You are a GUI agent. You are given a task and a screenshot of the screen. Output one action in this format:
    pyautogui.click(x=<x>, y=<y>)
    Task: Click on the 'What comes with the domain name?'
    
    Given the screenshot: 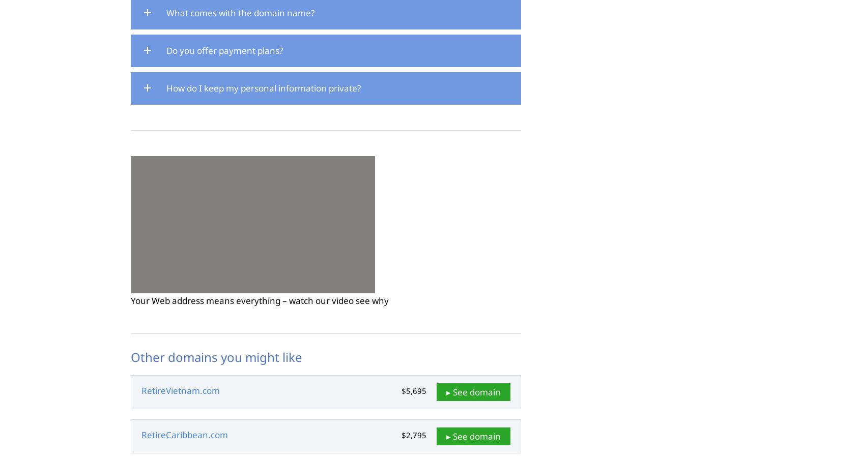 What is the action you would take?
    pyautogui.click(x=166, y=12)
    